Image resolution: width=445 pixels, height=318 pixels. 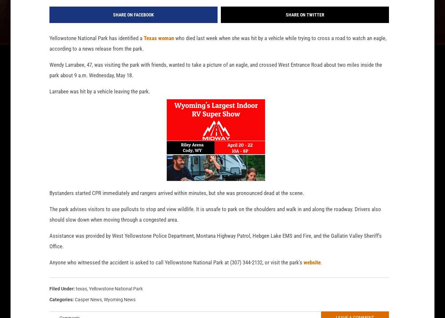 I want to click on 'Wendy Larrabee, 47, was visiting the park with friends, wanted to take a picture of an eagle, and crossed West Entrance Road about two miles inside the park about 9 a.m. Wednesday, May 18.', so click(x=49, y=81).